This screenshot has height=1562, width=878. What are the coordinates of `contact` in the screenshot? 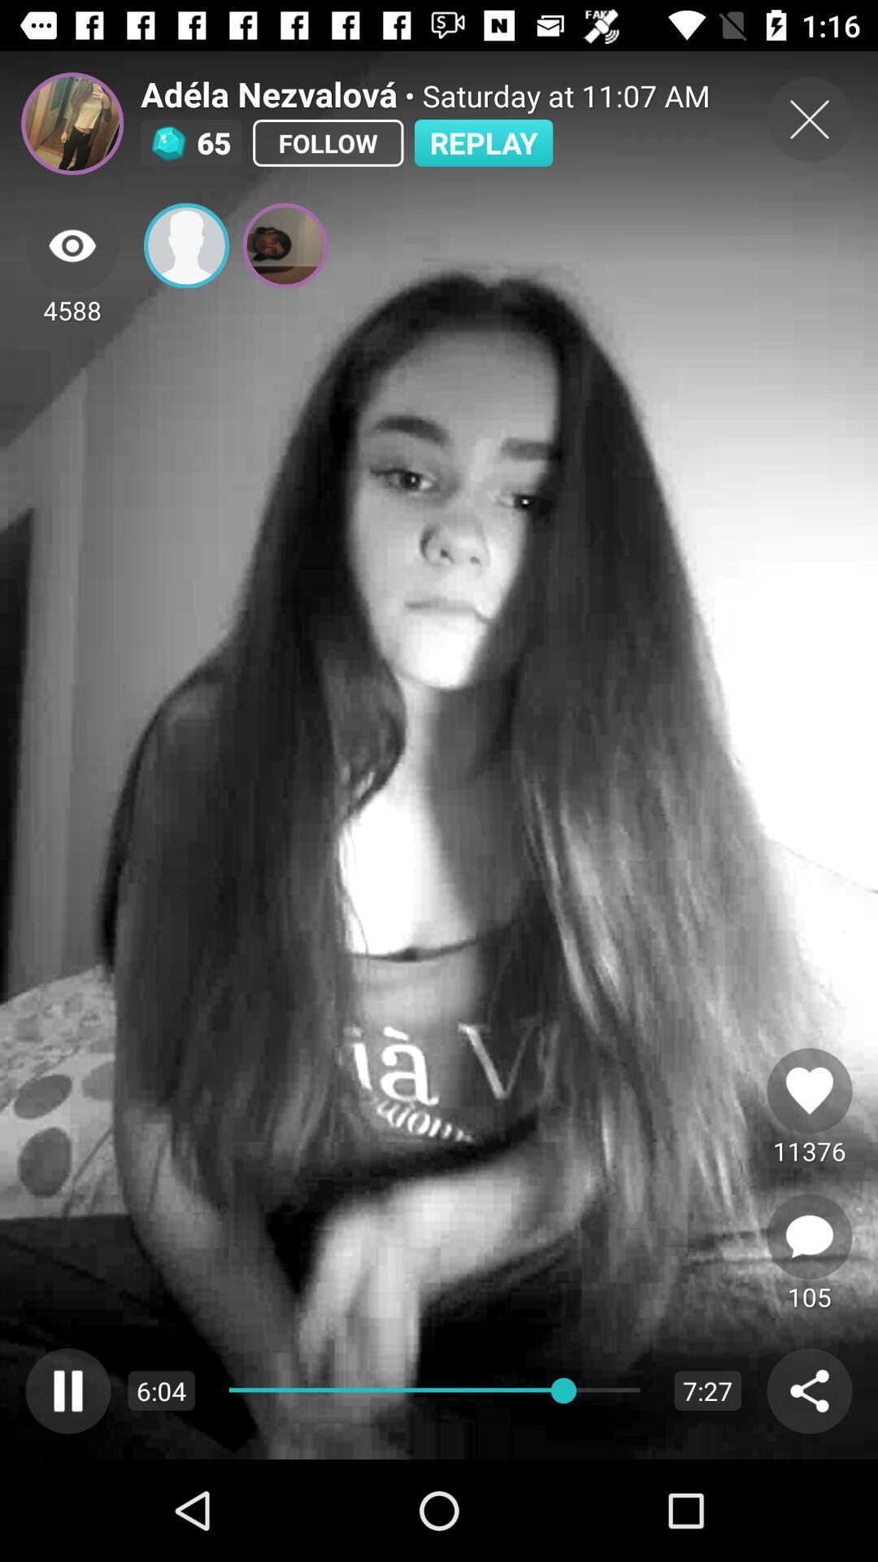 It's located at (185, 245).